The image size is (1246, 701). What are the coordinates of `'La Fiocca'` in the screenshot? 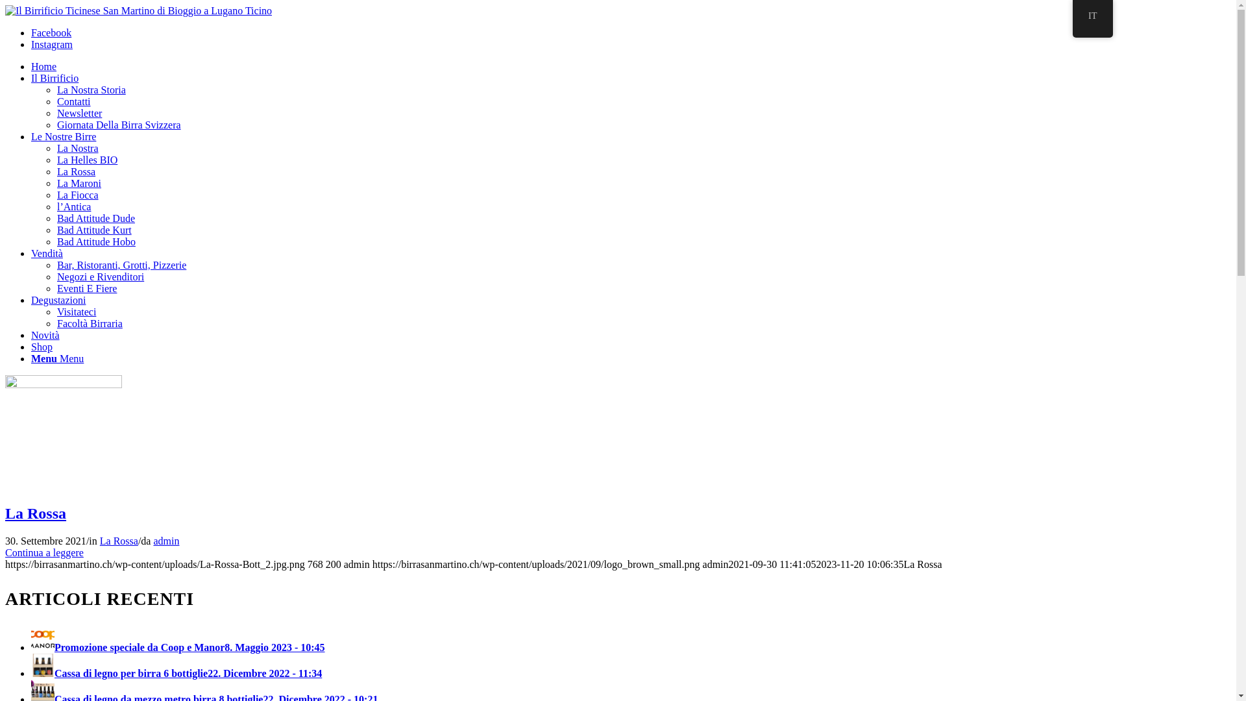 It's located at (77, 195).